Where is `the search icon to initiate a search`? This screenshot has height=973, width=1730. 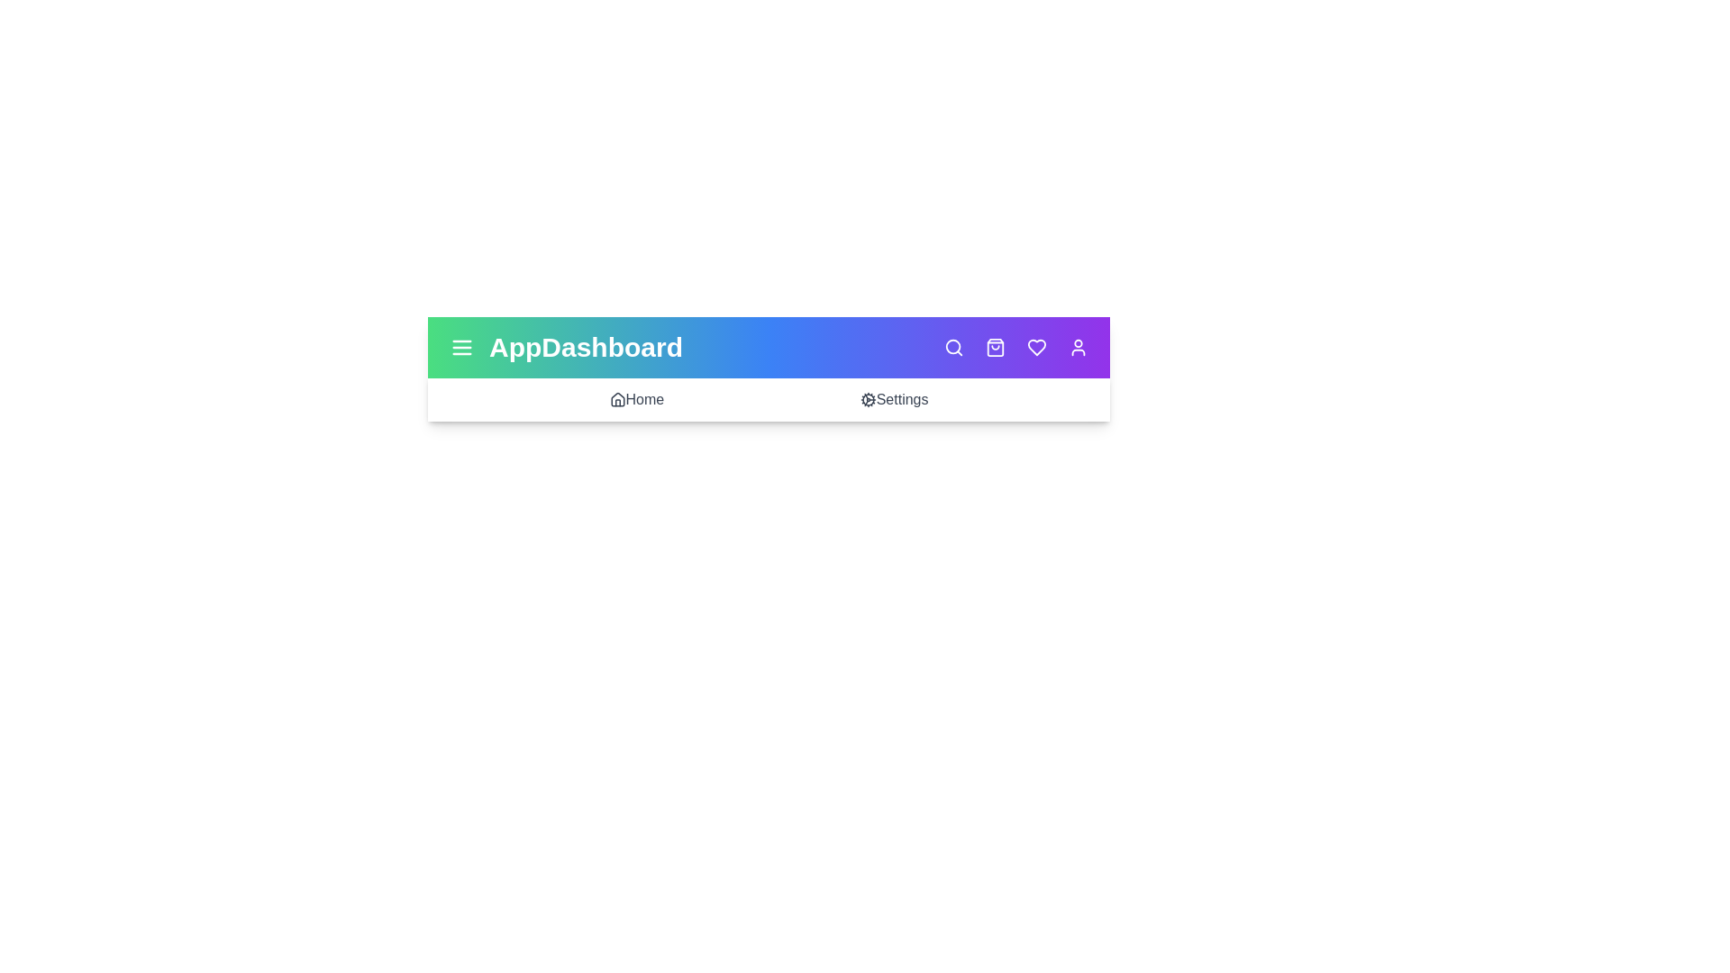
the search icon to initiate a search is located at coordinates (953, 347).